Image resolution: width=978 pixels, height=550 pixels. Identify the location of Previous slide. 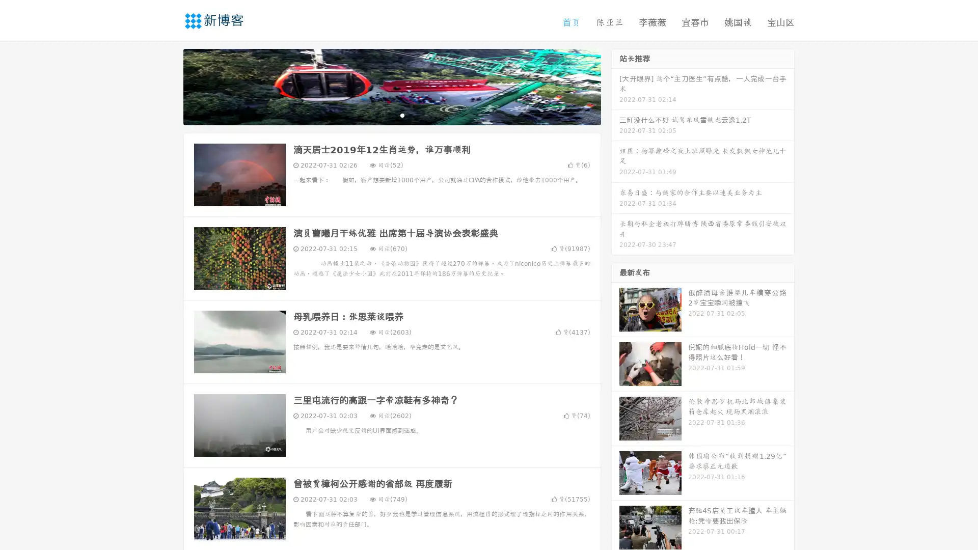
(168, 86).